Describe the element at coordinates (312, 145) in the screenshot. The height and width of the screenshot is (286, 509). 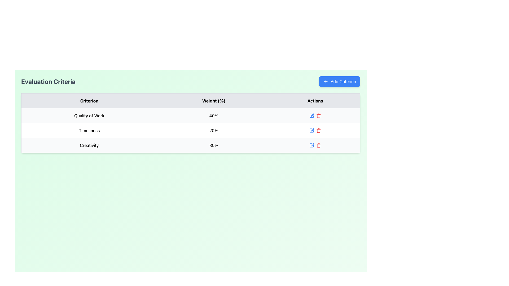
I see `the rectangular icon representing a pen in the 'Actions' column for the 'Creativity' criterion` at that location.